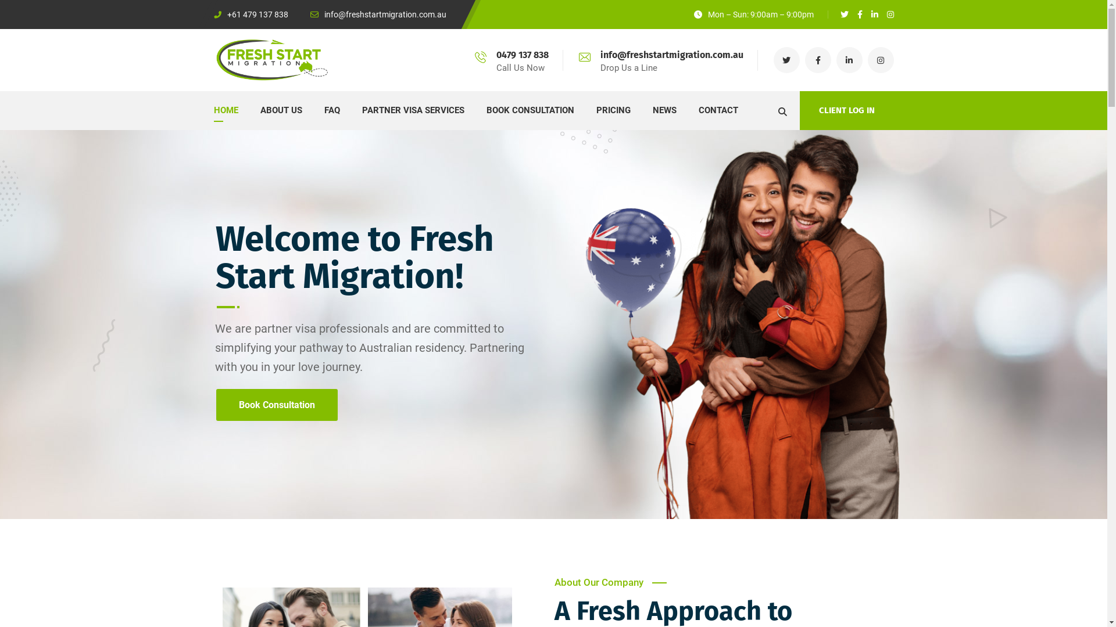  I want to click on 'info@freshstartmigration.com.au', so click(378, 14).